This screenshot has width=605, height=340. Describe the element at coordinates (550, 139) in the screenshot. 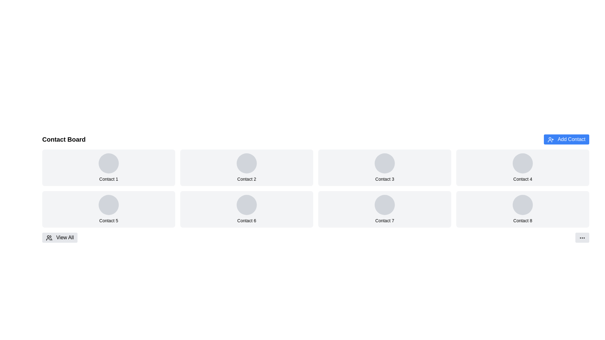

I see `the SVG icon depicting a user with a plus symbol next to it, located within the 'Add Contact' button at the top-right of the interface` at that location.